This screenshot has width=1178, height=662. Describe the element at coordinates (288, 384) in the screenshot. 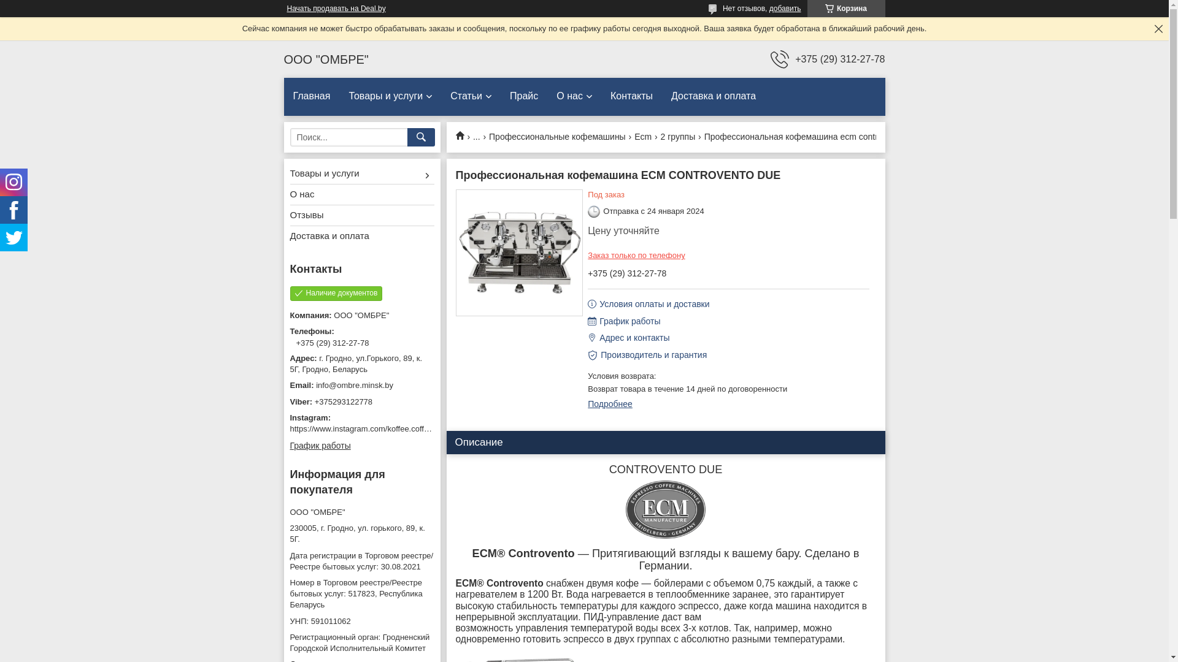

I see `'info@ombre.minsk.by'` at that location.